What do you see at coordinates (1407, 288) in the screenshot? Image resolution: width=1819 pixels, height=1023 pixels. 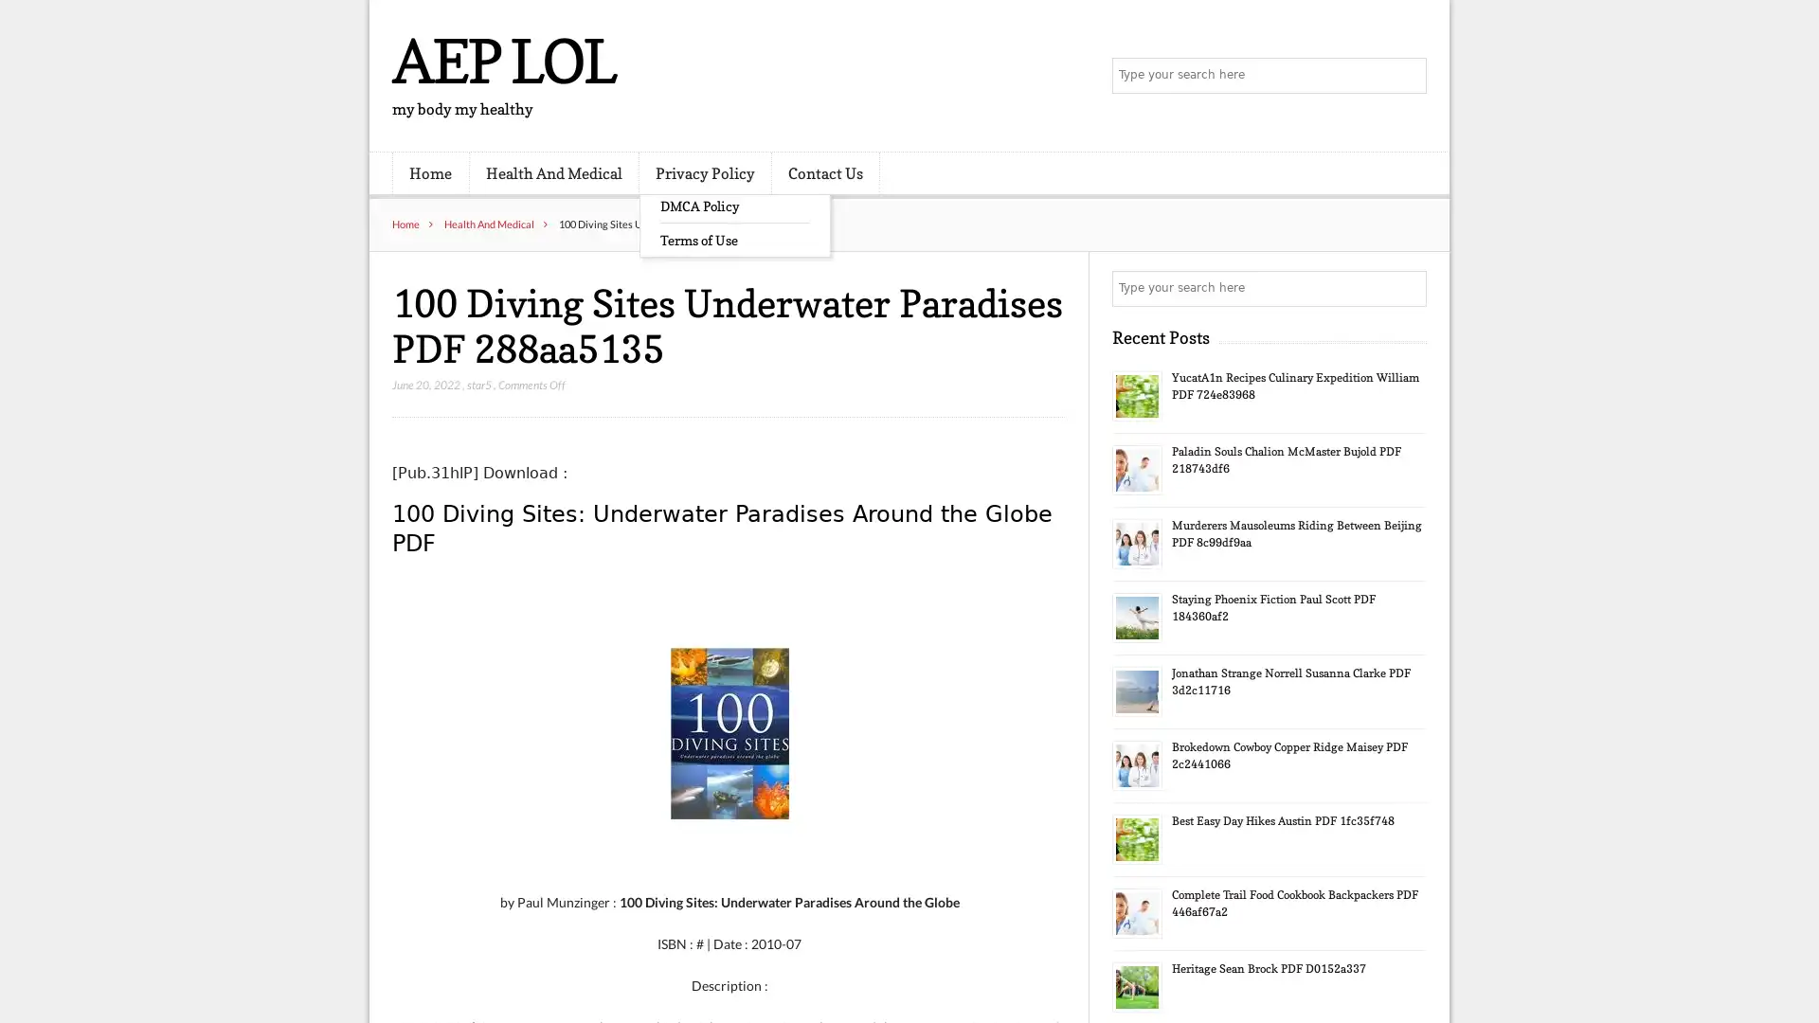 I see `Search` at bounding box center [1407, 288].